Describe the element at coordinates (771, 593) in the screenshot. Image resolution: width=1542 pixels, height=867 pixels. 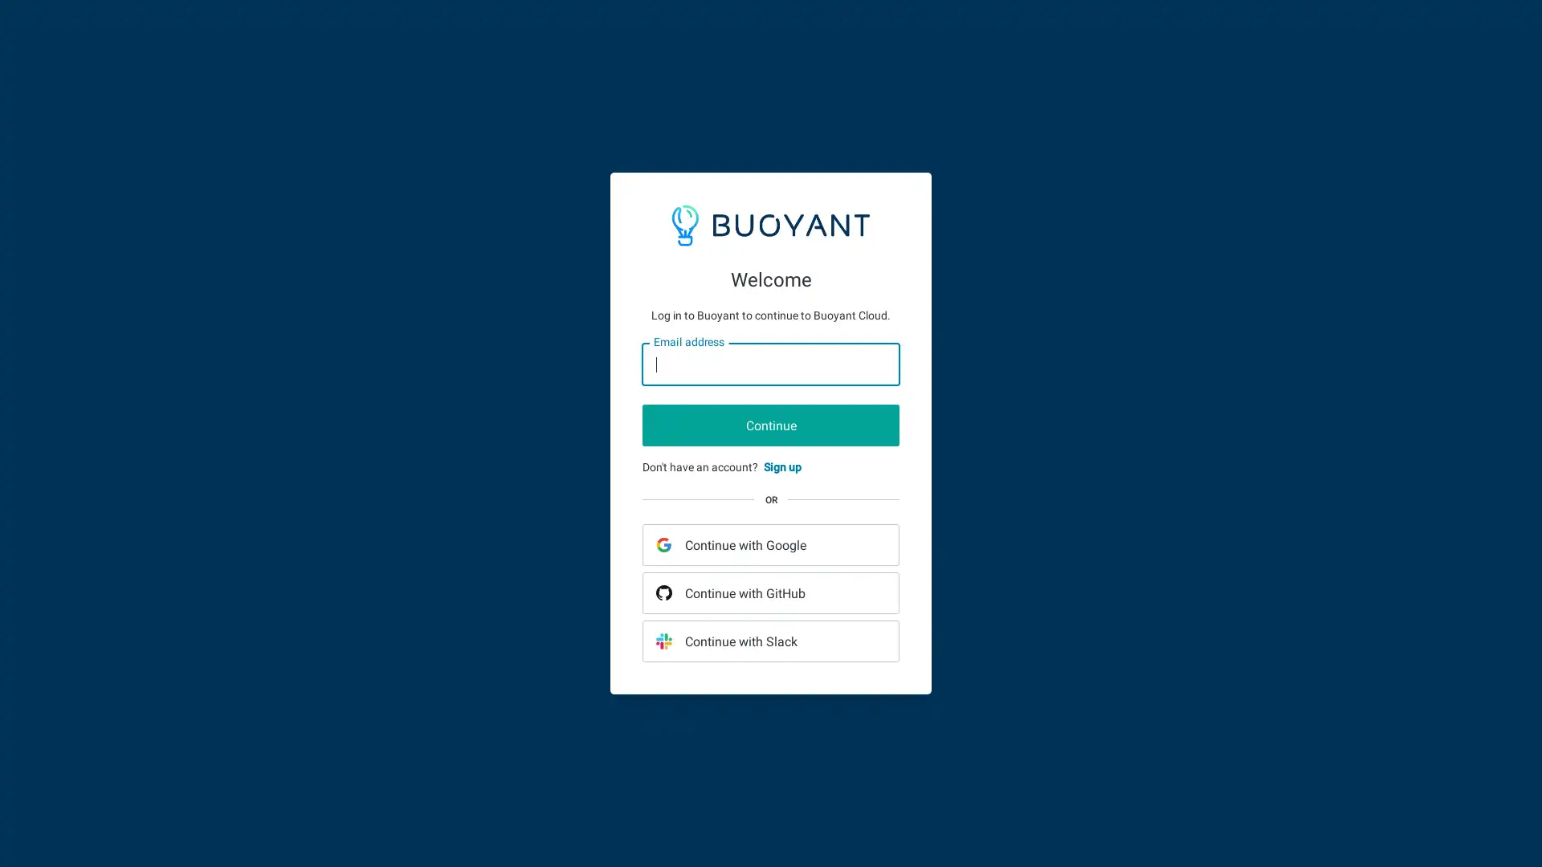
I see `Continue with GitHub` at that location.